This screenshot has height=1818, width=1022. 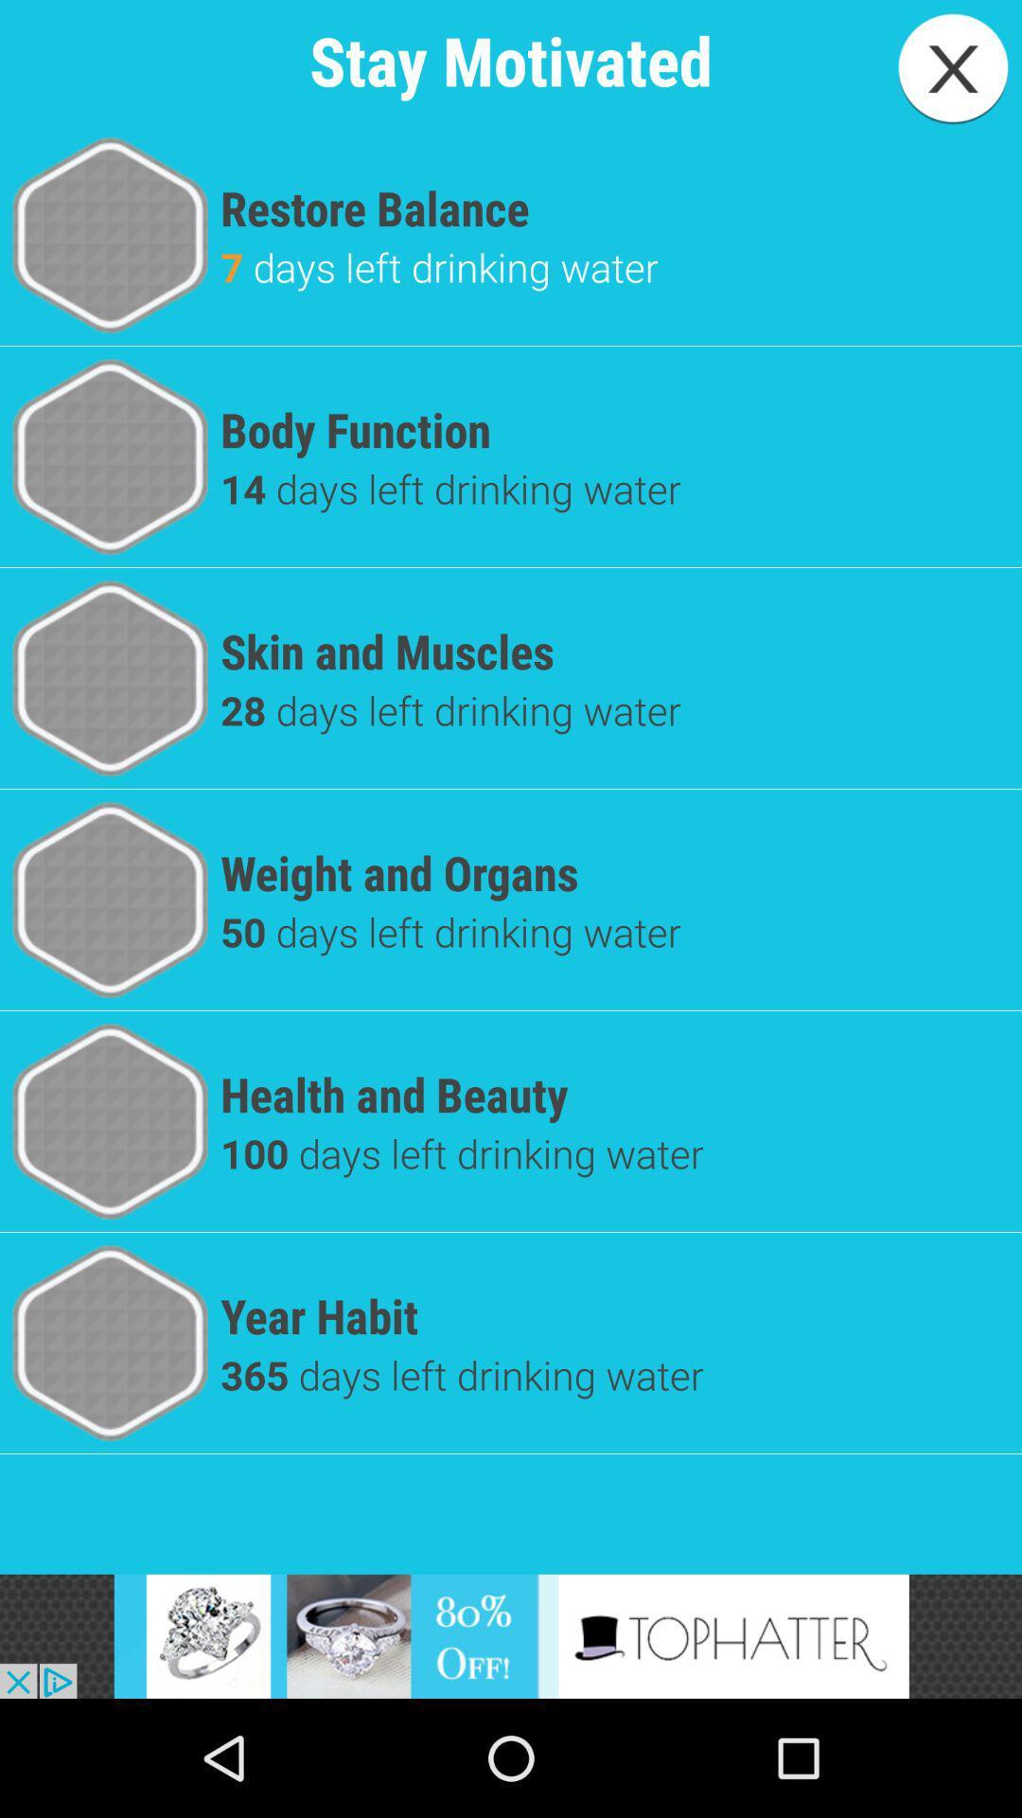 What do you see at coordinates (511, 1635) in the screenshot?
I see `show advertisement` at bounding box center [511, 1635].